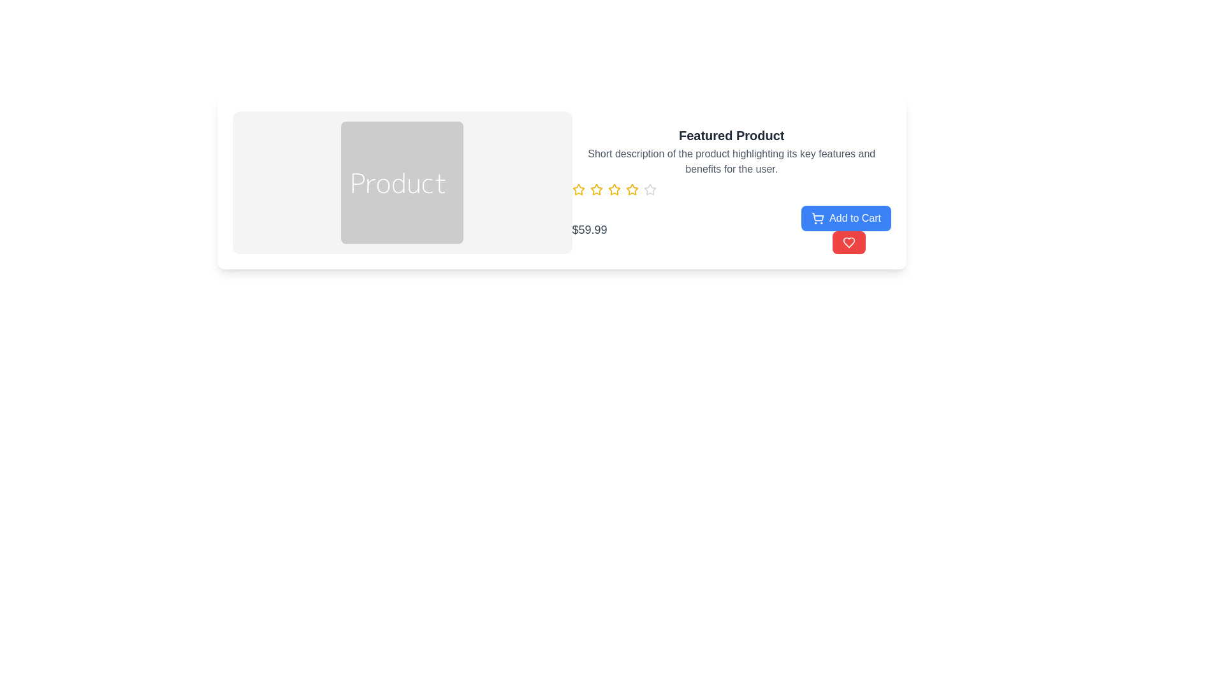 The width and height of the screenshot is (1224, 688). Describe the element at coordinates (849, 243) in the screenshot. I see `the heart-shaped icon button located at the bottom-right corner of the content card` at that location.